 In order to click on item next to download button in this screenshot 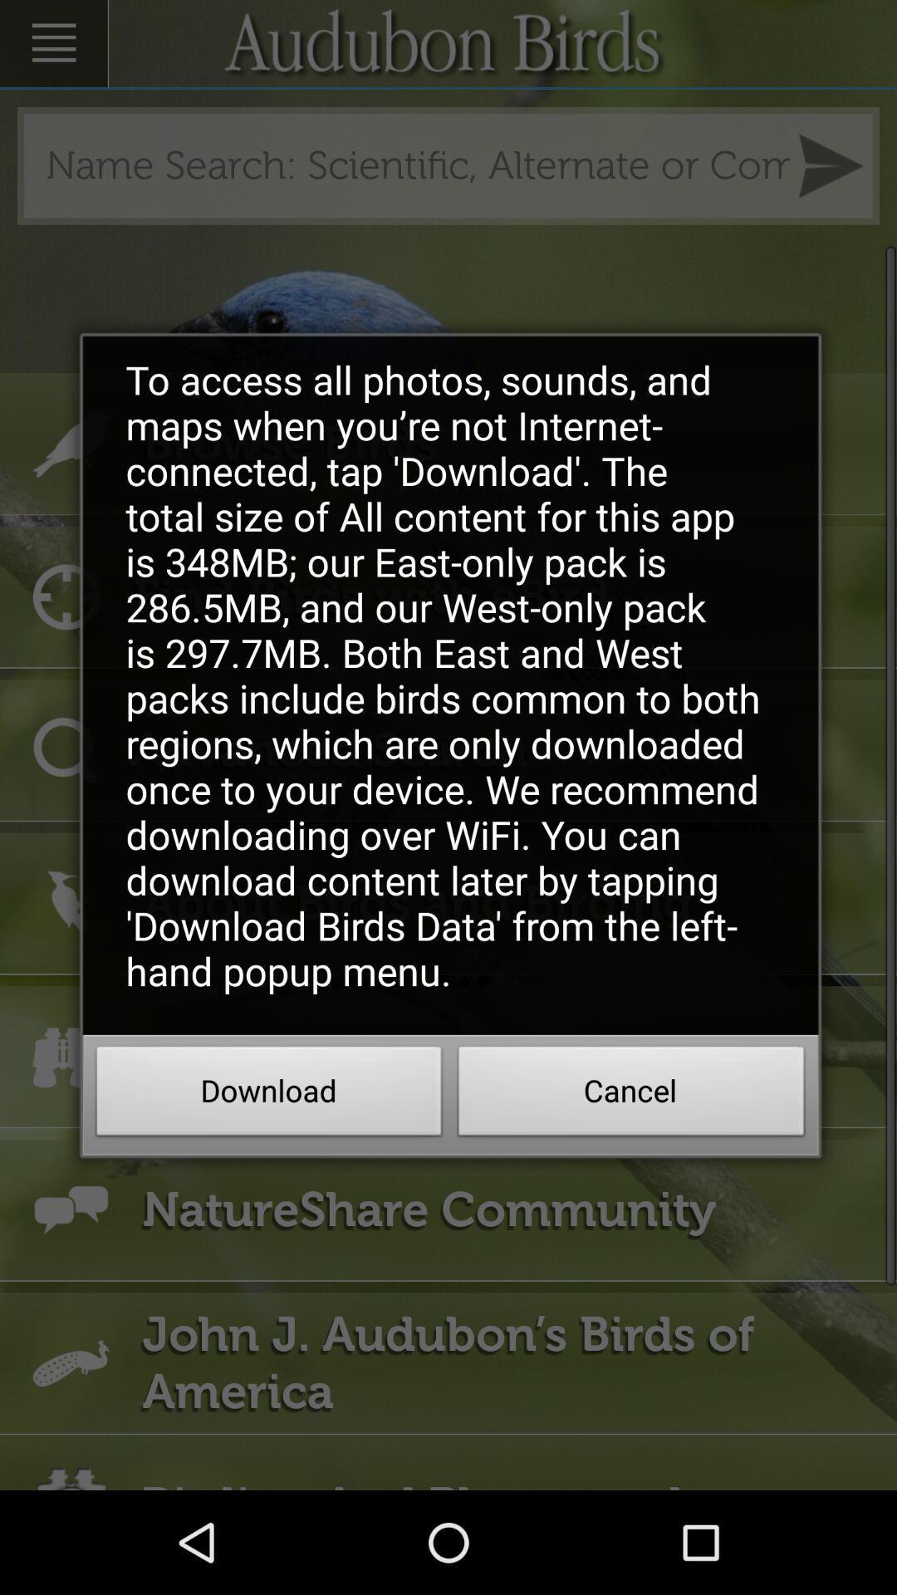, I will do `click(631, 1096)`.